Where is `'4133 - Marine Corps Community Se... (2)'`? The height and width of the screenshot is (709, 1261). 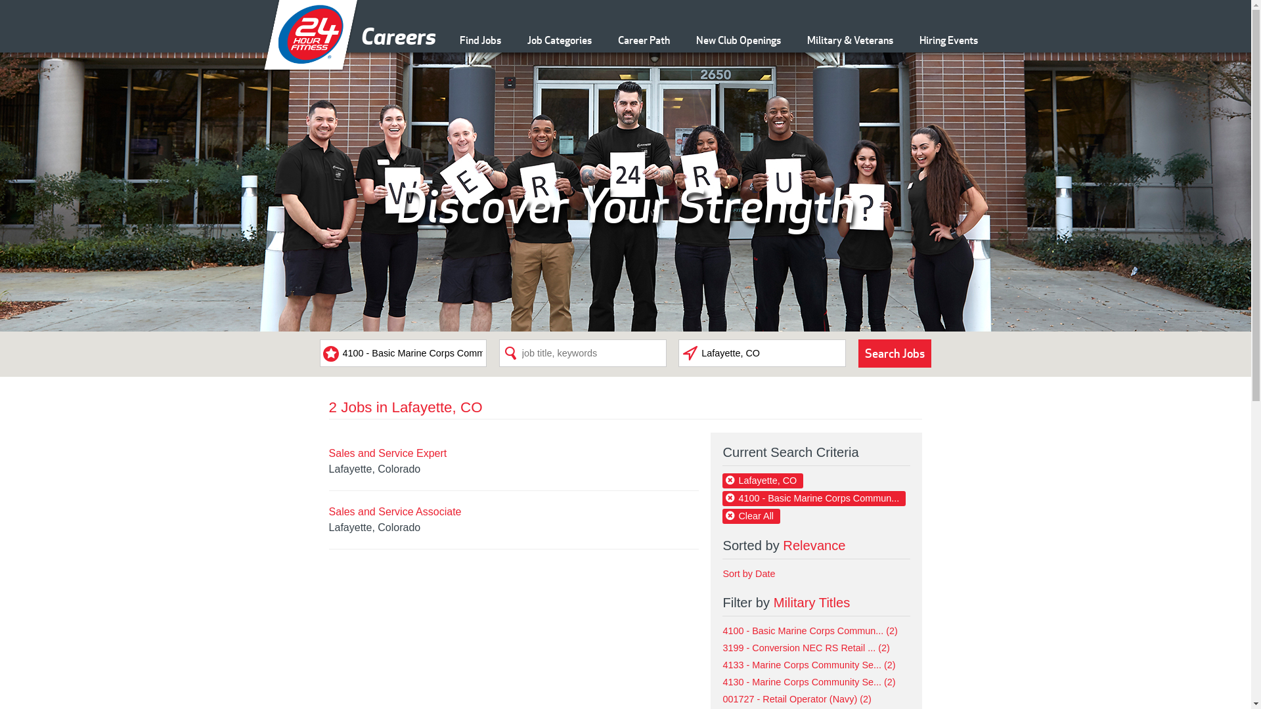 '4133 - Marine Corps Community Se... (2)' is located at coordinates (808, 665).